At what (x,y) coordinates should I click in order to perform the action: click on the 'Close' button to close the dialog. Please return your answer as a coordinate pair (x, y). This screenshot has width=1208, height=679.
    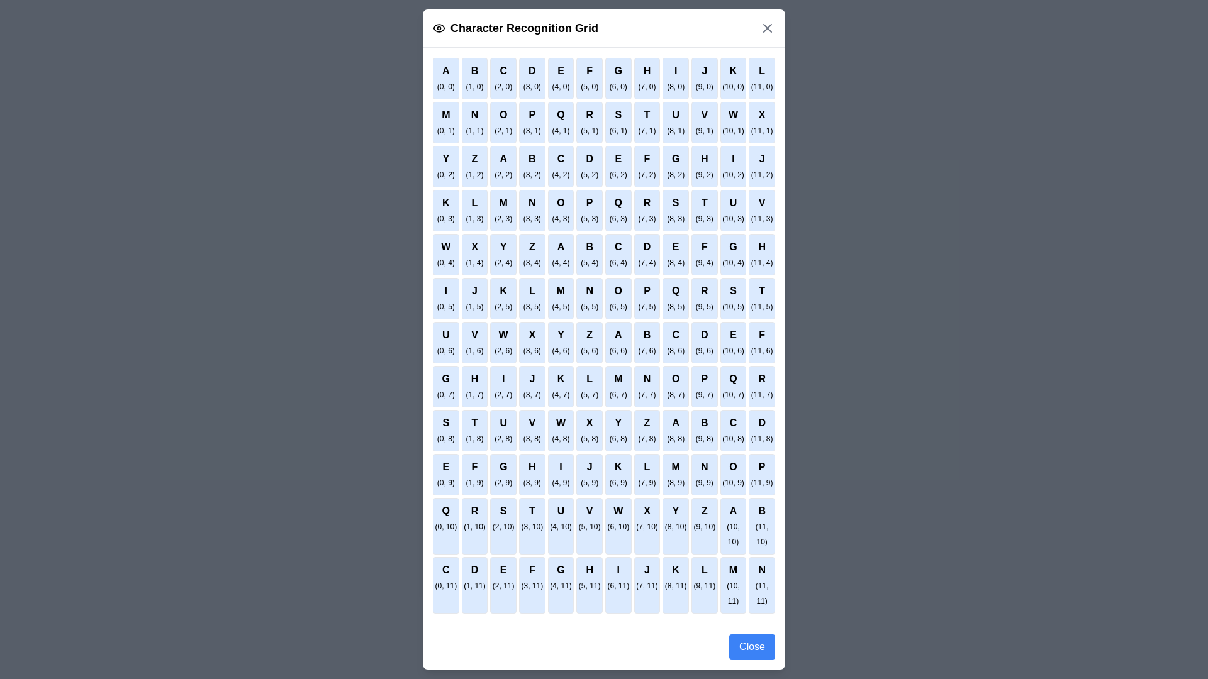
    Looking at the image, I should click on (752, 647).